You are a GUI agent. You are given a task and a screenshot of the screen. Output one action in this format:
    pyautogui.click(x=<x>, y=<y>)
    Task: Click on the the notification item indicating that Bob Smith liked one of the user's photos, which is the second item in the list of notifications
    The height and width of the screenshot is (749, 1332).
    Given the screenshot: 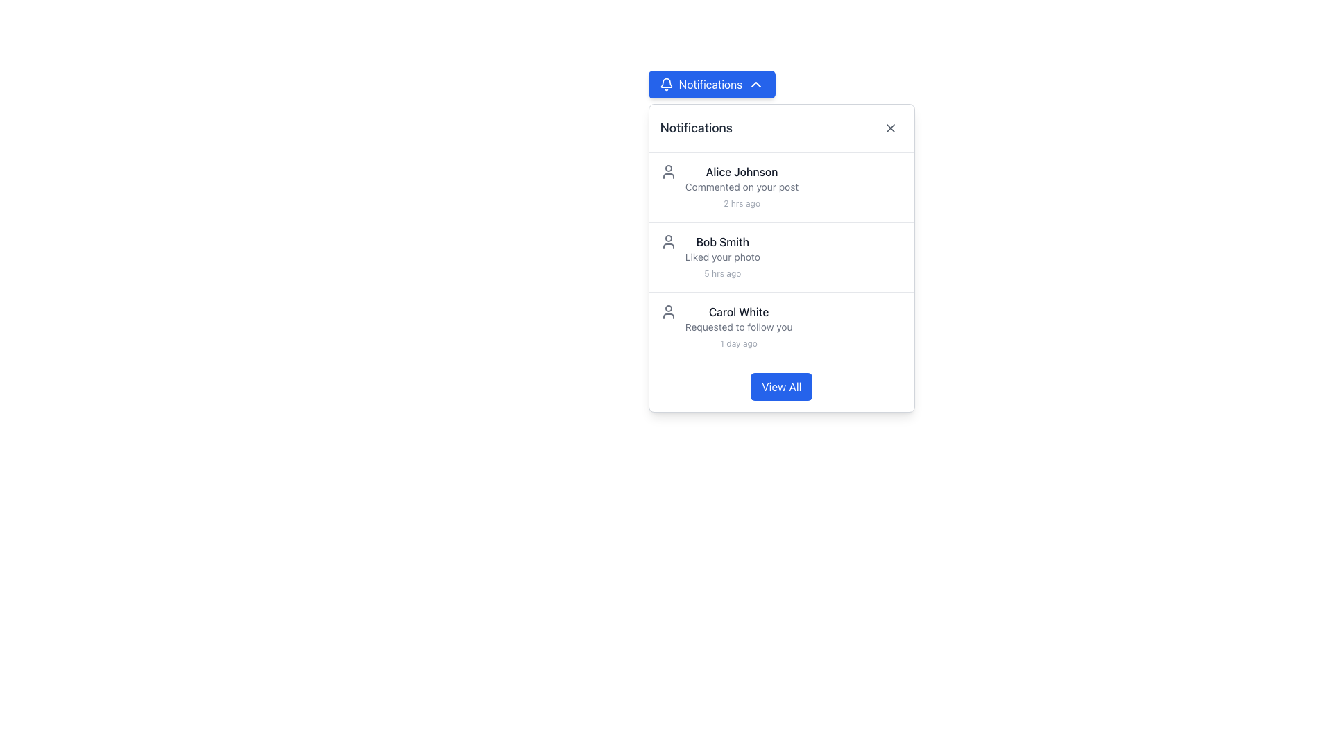 What is the action you would take?
    pyautogui.click(x=781, y=257)
    